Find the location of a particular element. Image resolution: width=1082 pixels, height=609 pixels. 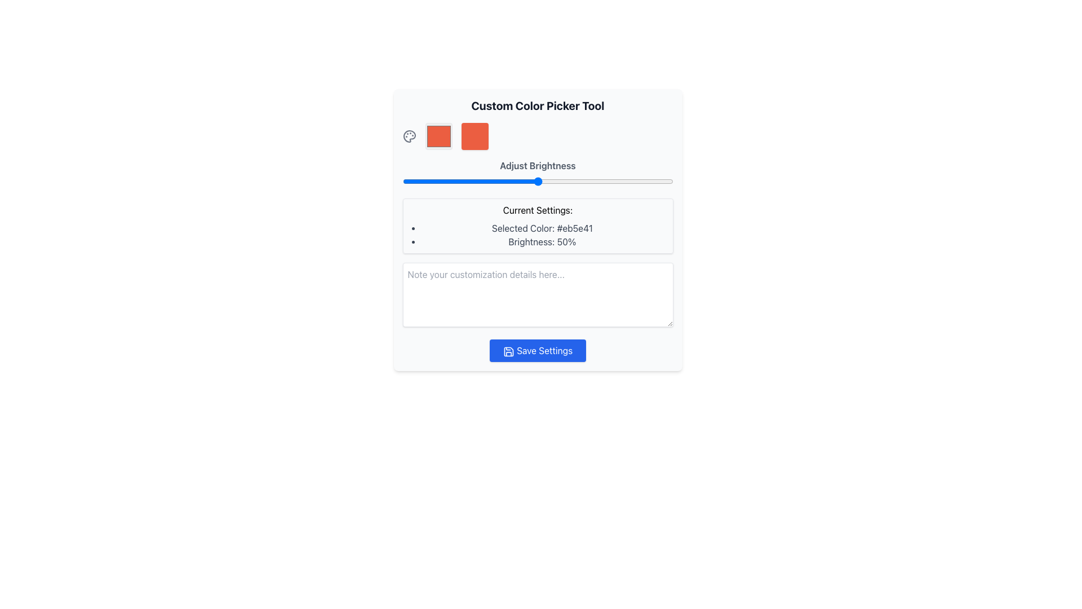

the brightness is located at coordinates (491, 180).